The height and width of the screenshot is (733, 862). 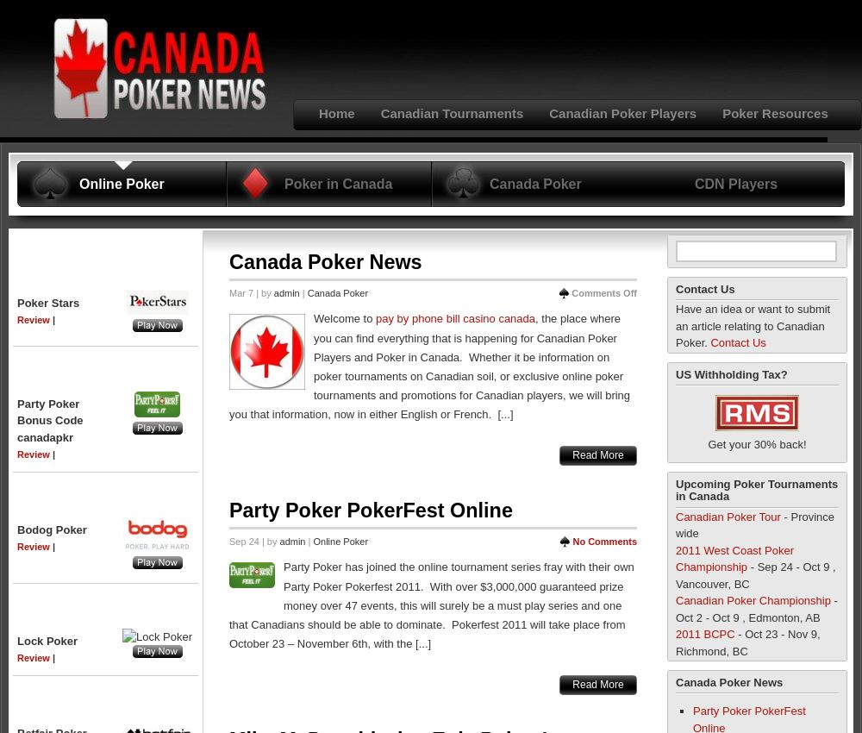 I want to click on 'Poker Stars', so click(x=48, y=301).